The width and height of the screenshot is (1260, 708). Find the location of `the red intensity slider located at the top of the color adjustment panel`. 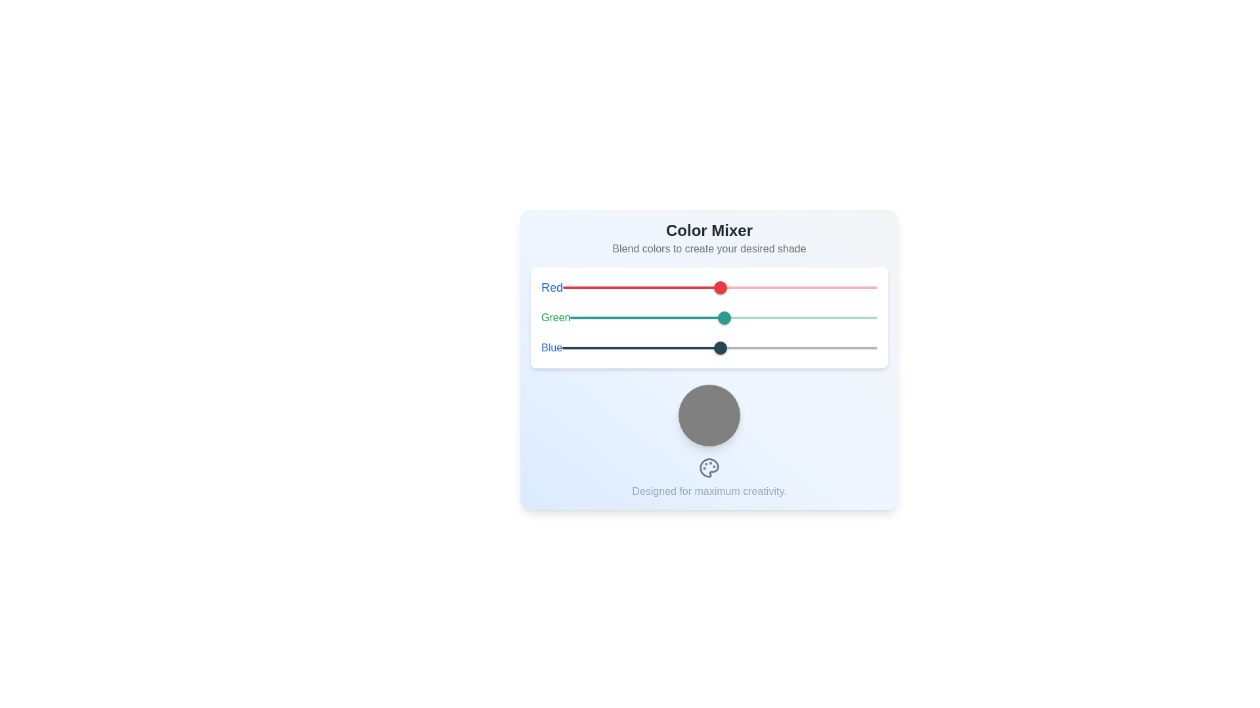

the red intensity slider located at the top of the color adjustment panel is located at coordinates (708, 287).